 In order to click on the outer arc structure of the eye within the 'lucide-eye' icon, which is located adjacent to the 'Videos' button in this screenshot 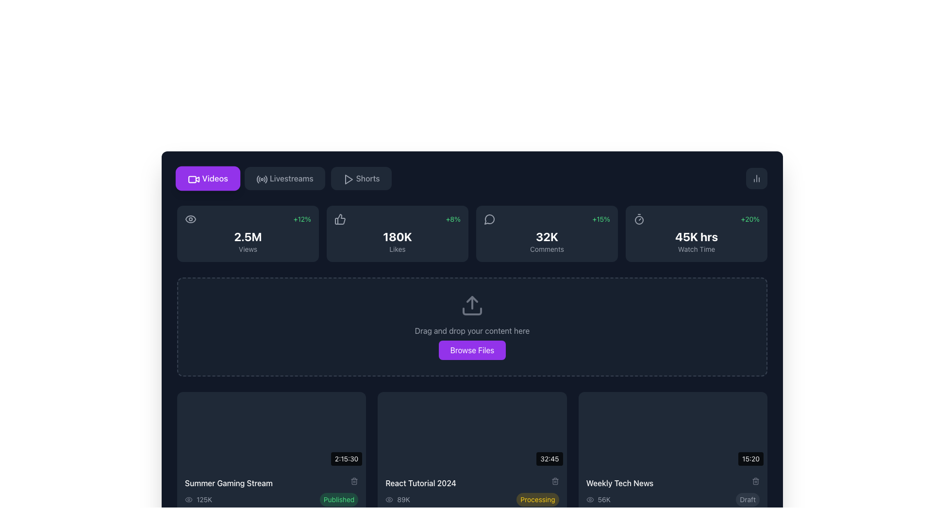, I will do `click(191, 219)`.